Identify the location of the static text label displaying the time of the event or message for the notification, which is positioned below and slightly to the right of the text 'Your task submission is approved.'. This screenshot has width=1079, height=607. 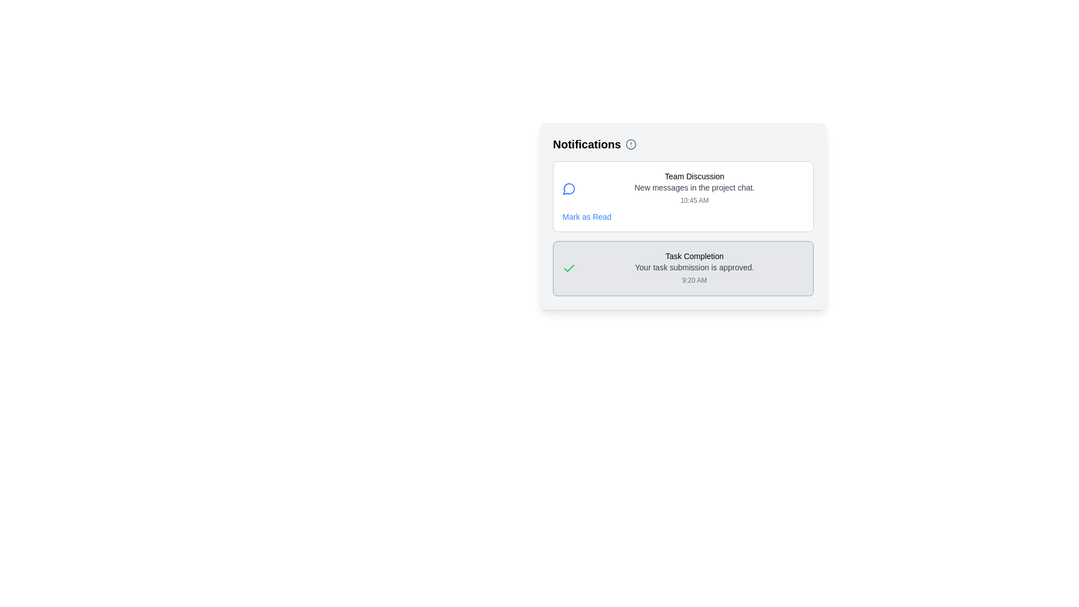
(694, 279).